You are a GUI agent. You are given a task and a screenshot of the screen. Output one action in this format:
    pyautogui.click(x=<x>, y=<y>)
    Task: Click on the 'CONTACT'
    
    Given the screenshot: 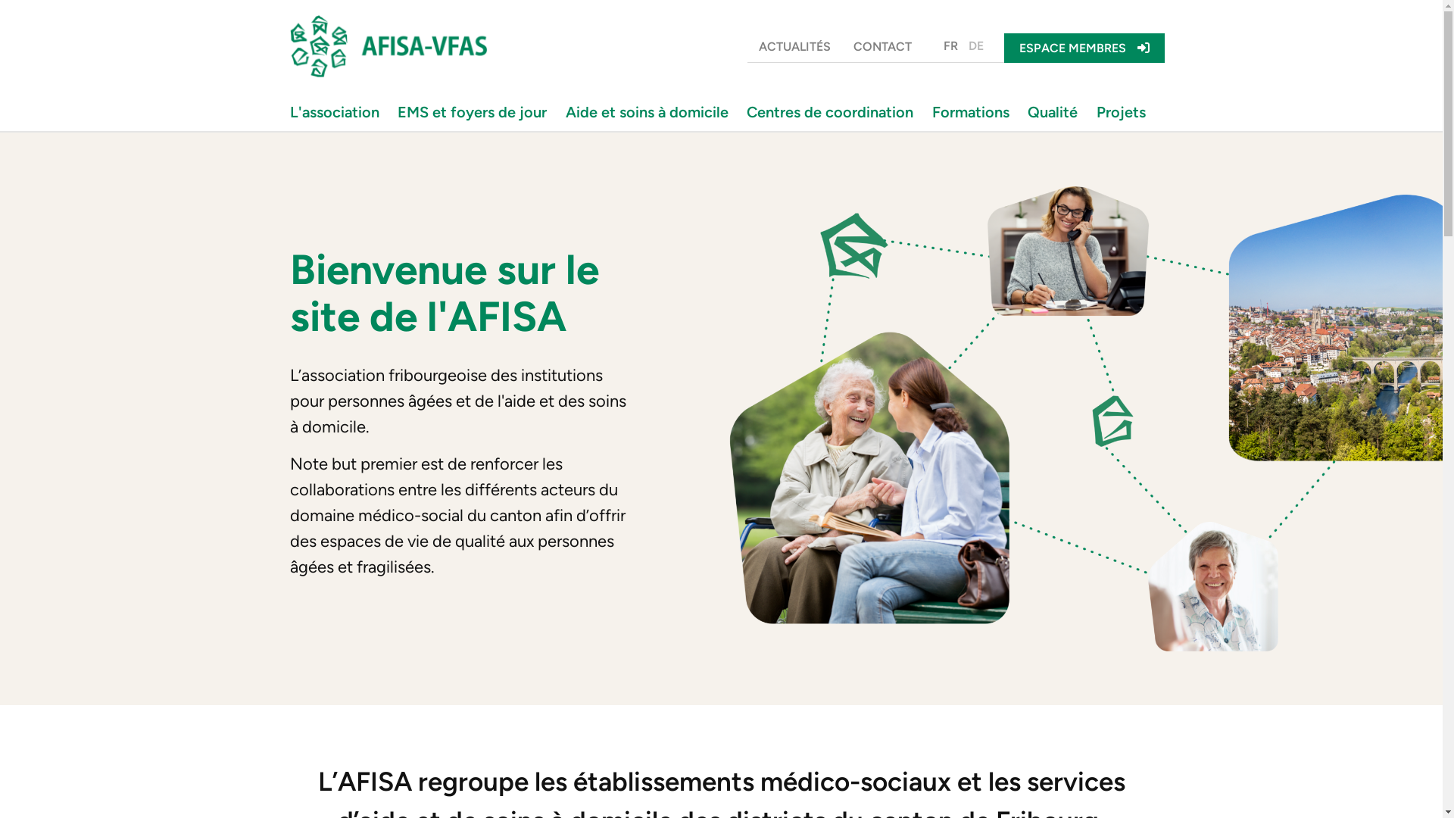 What is the action you would take?
    pyautogui.click(x=882, y=45)
    